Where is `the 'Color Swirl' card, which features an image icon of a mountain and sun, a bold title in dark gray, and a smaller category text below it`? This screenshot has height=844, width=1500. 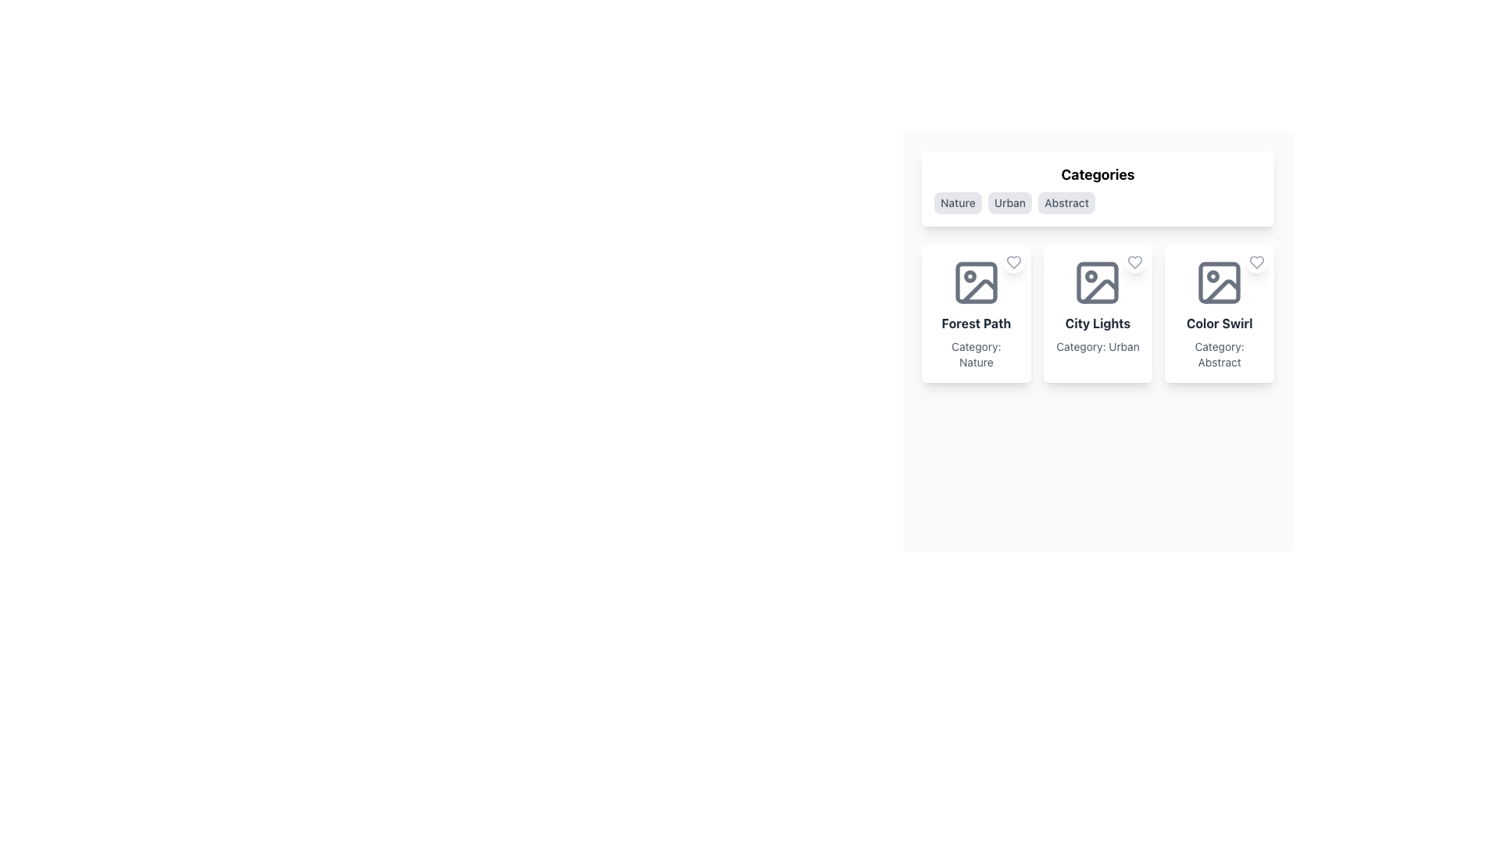
the 'Color Swirl' card, which features an image icon of a mountain and sun, a bold title in dark gray, and a smaller category text below it is located at coordinates (1219, 313).